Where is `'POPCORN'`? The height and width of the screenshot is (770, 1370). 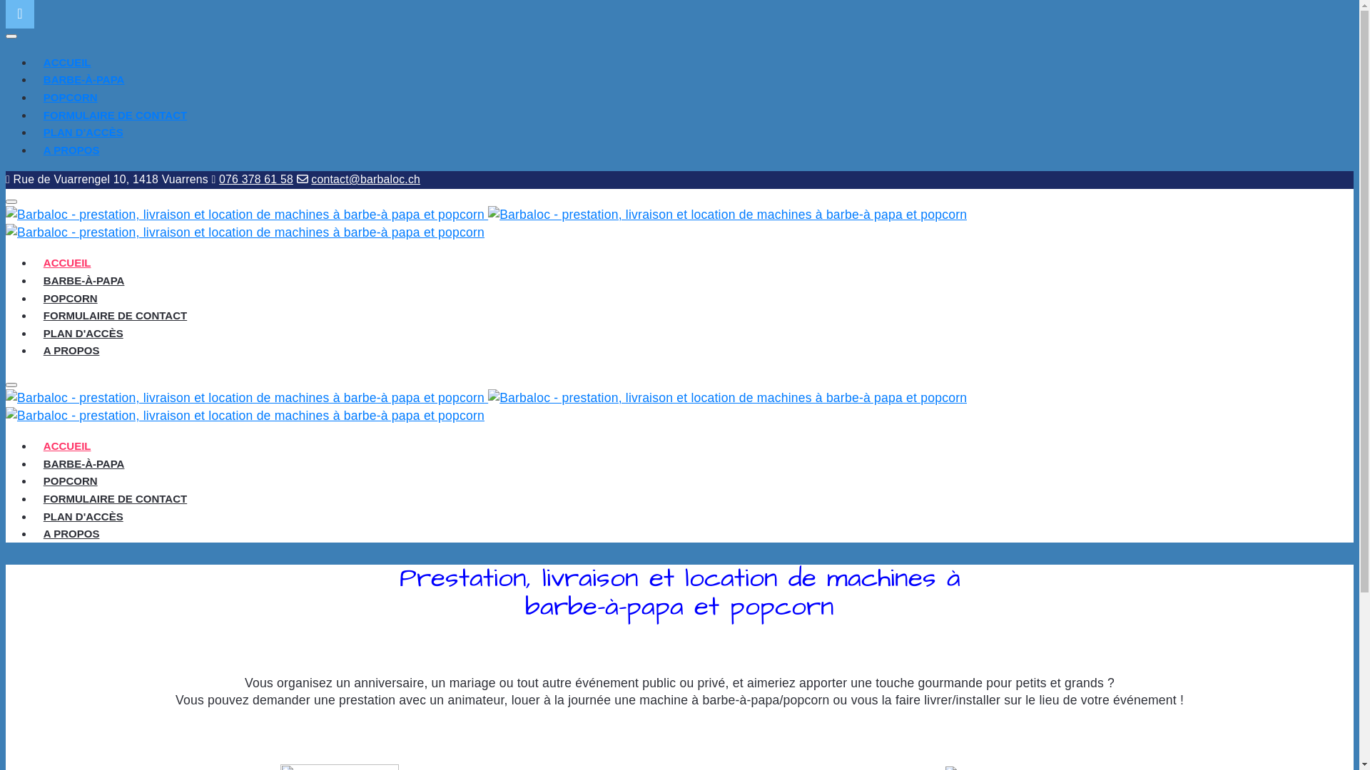 'POPCORN' is located at coordinates (69, 297).